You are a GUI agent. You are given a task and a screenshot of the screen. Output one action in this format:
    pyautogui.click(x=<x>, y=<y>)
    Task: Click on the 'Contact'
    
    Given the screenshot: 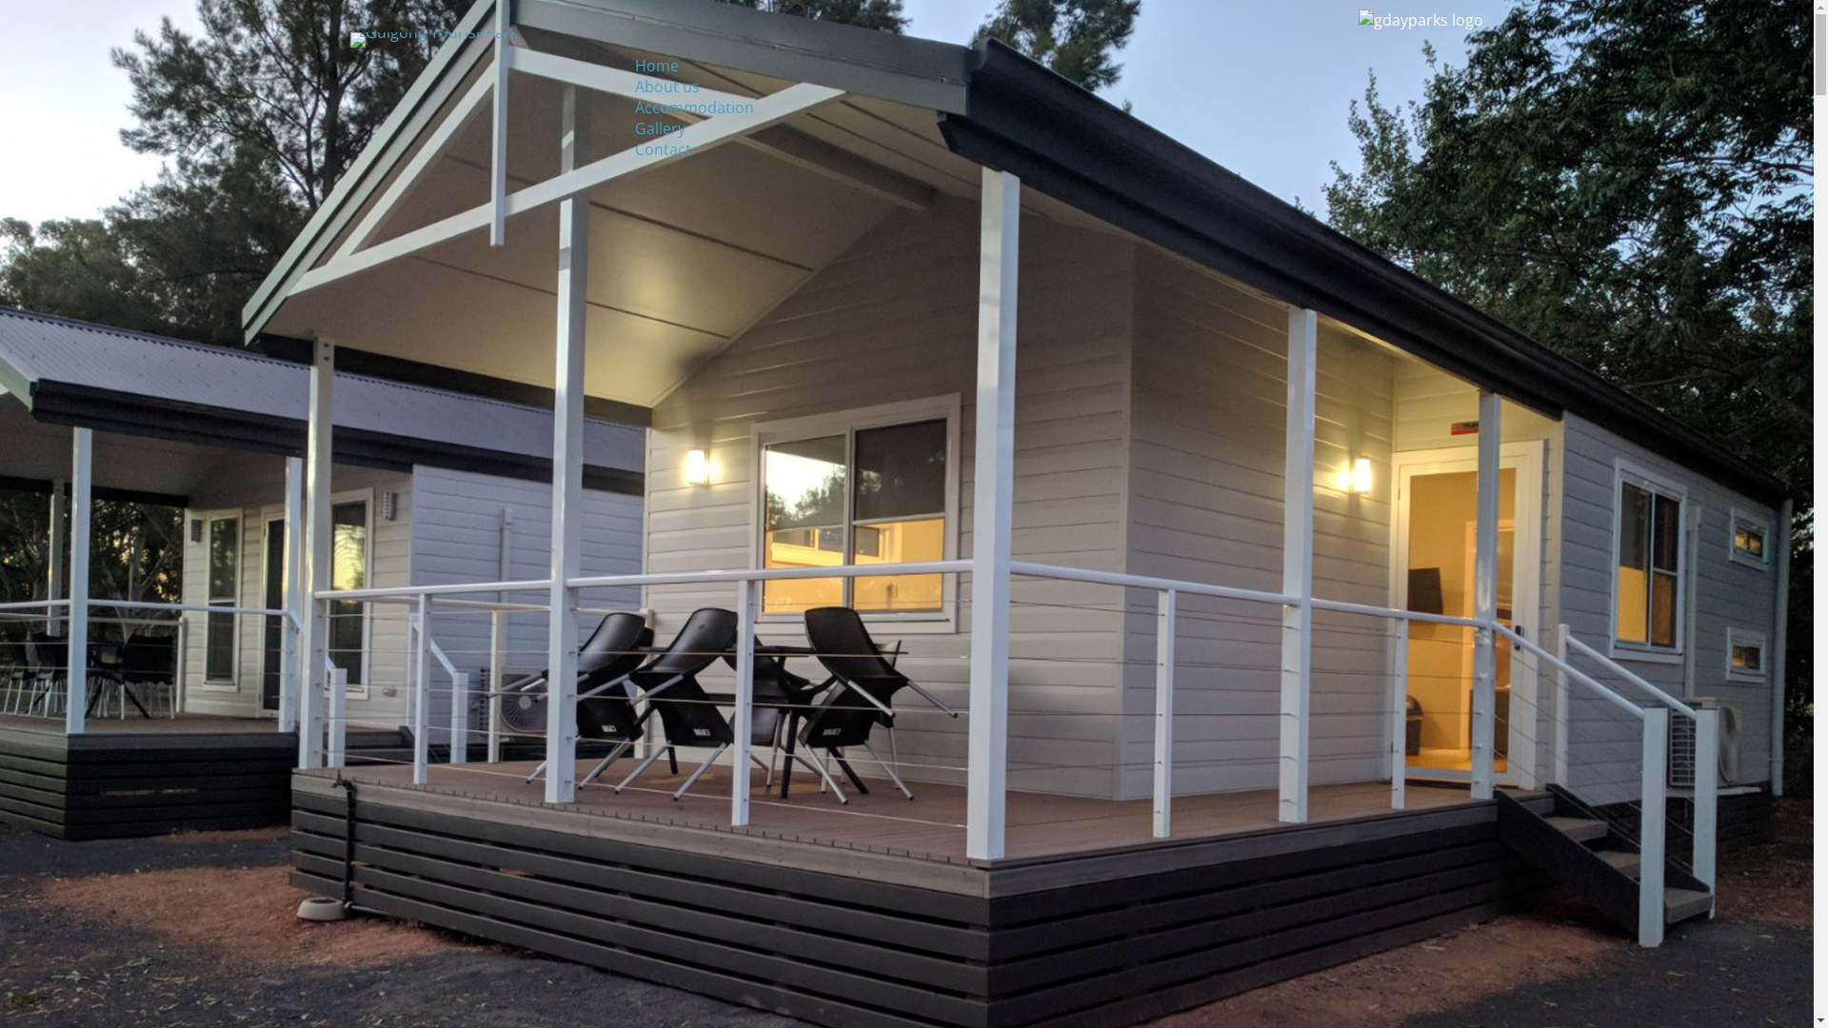 What is the action you would take?
    pyautogui.click(x=663, y=148)
    